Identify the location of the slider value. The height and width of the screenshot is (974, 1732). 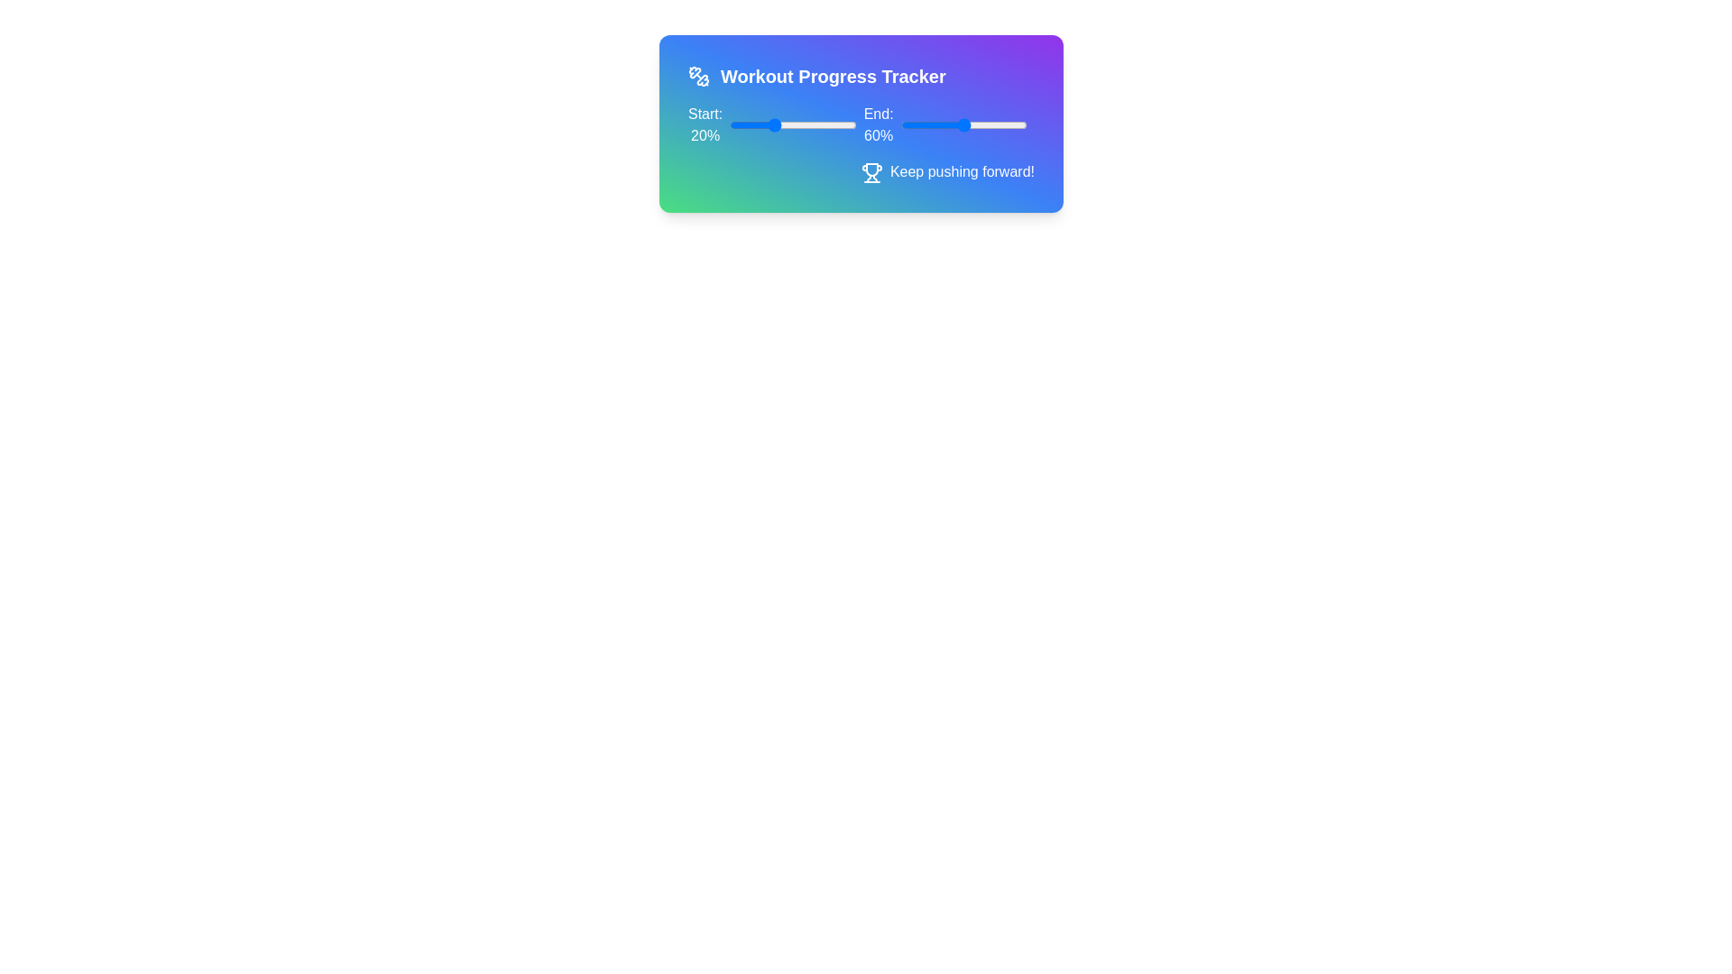
(853, 124).